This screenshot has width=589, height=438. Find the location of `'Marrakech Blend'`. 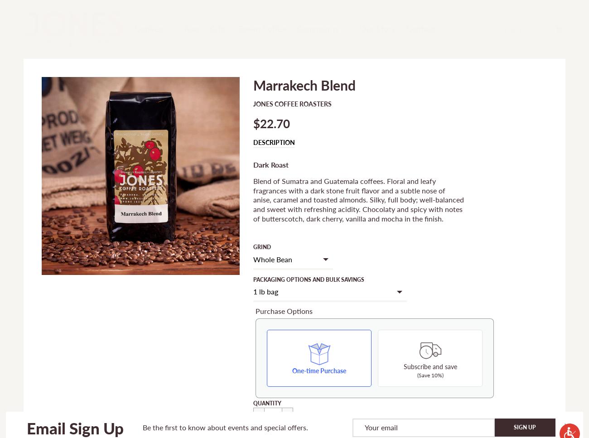

'Marrakech Blend' is located at coordinates (253, 84).